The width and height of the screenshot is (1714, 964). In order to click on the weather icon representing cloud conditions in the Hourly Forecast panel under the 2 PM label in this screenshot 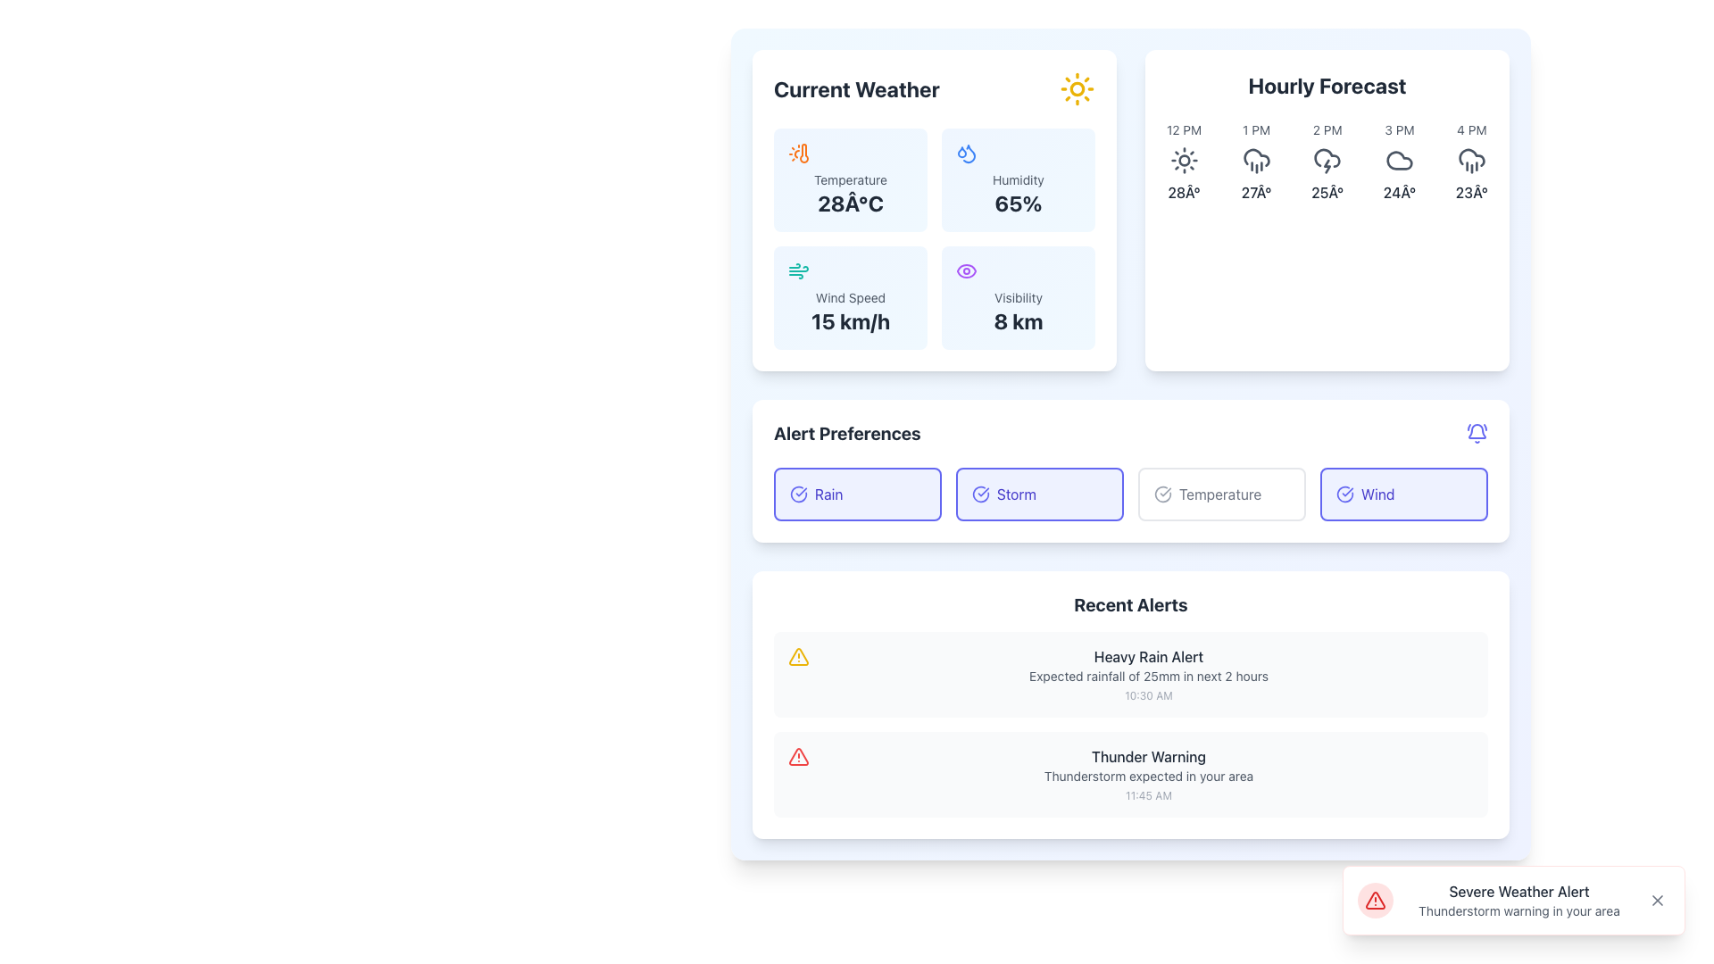, I will do `click(1327, 157)`.